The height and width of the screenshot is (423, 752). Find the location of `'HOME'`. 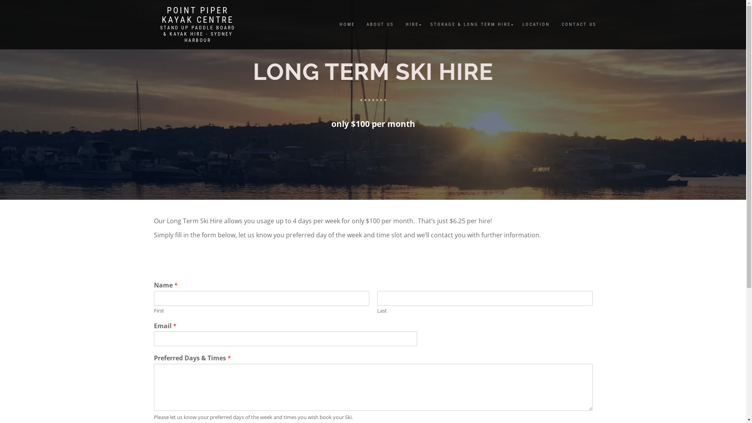

'HOME' is located at coordinates (347, 24).